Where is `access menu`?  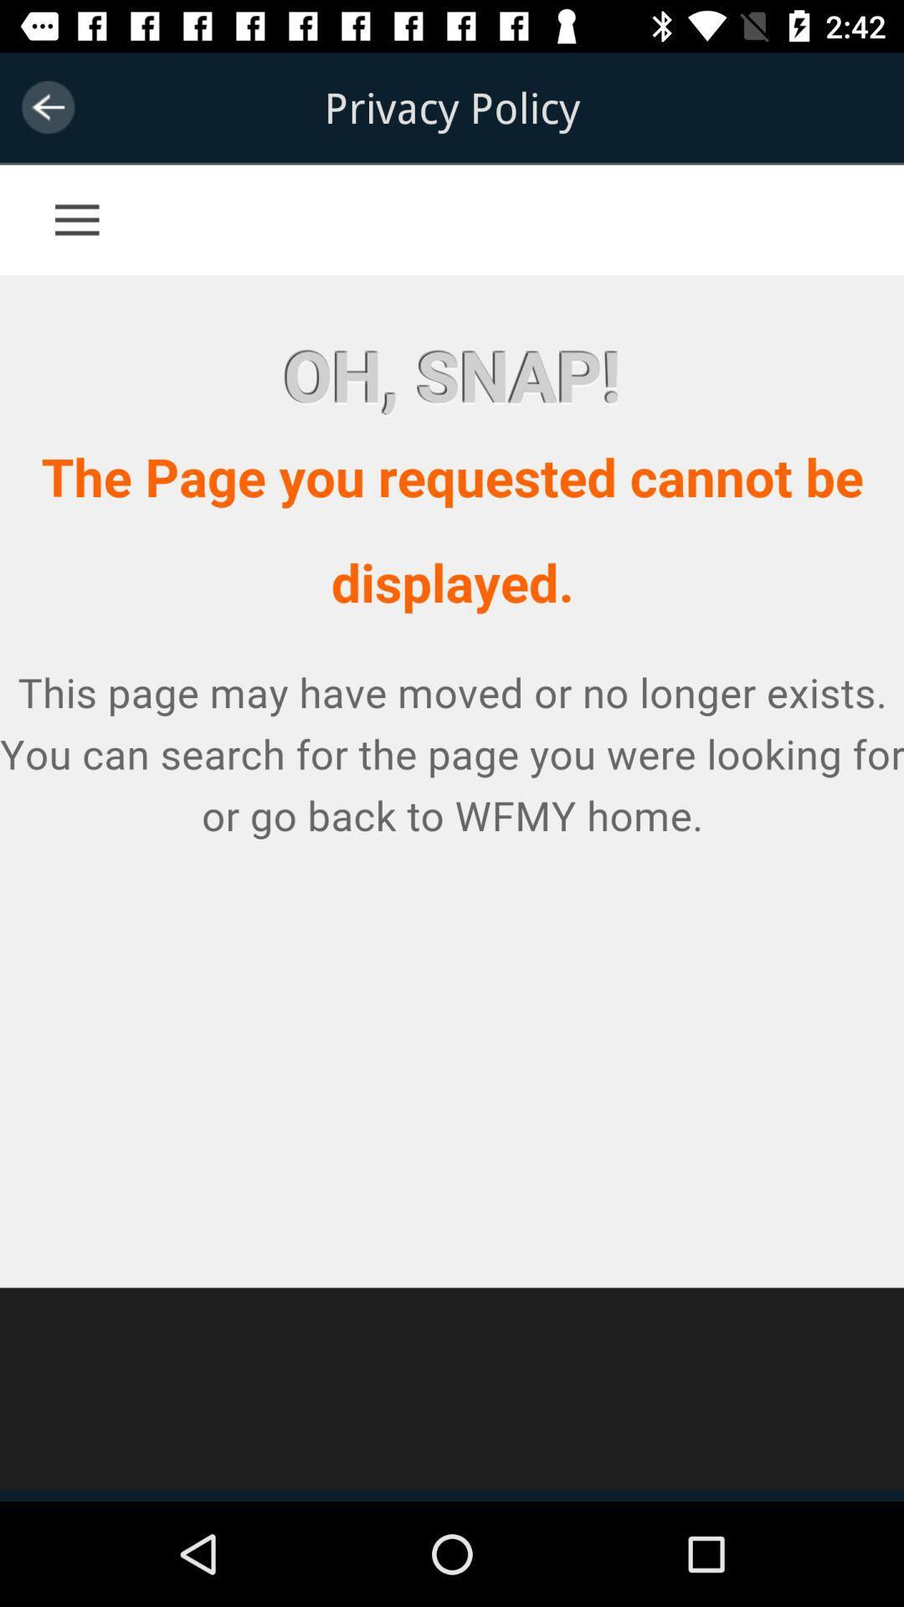
access menu is located at coordinates (110, 201).